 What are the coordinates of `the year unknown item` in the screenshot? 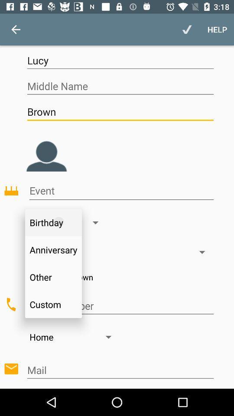 It's located at (120, 276).